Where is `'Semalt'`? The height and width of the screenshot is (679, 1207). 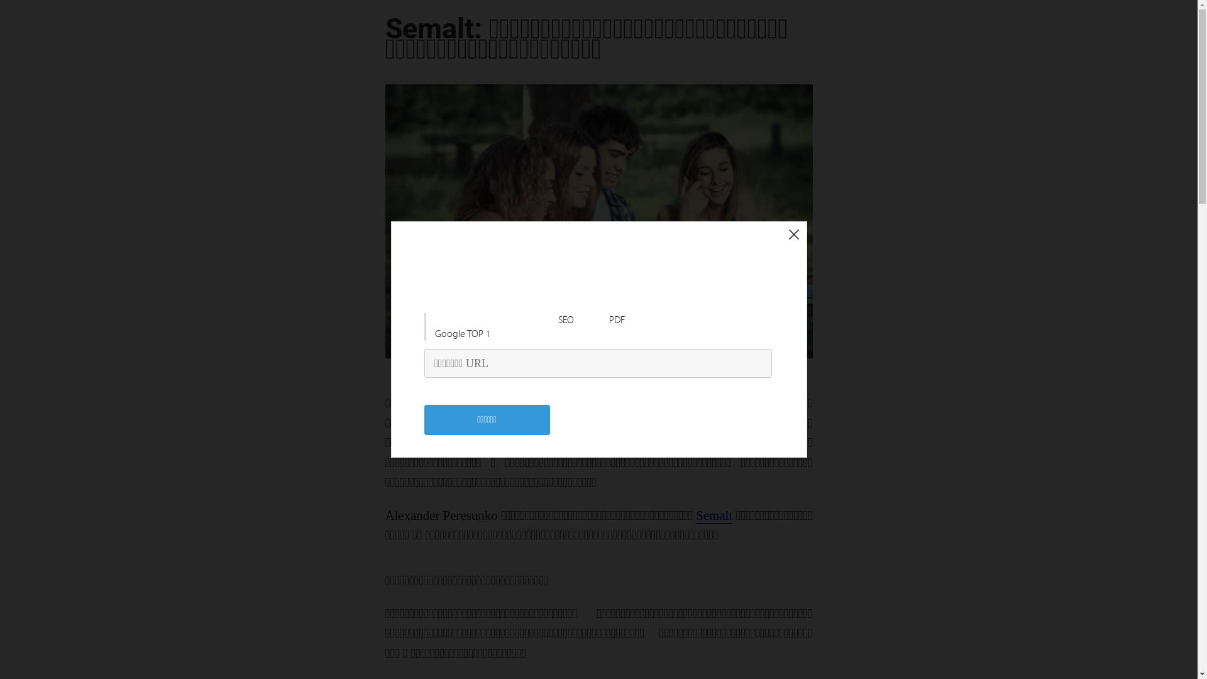
'Semalt' is located at coordinates (714, 516).